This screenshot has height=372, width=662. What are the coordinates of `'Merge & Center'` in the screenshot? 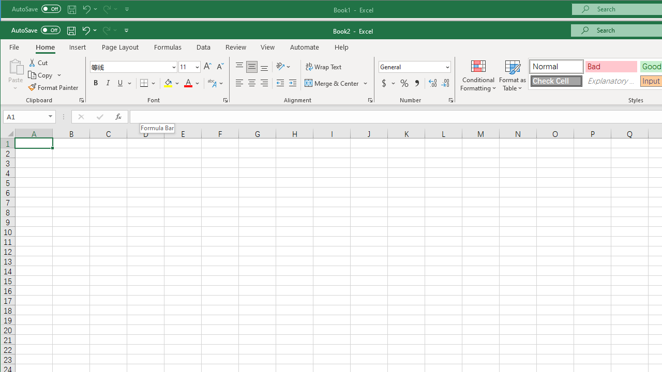 It's located at (336, 83).